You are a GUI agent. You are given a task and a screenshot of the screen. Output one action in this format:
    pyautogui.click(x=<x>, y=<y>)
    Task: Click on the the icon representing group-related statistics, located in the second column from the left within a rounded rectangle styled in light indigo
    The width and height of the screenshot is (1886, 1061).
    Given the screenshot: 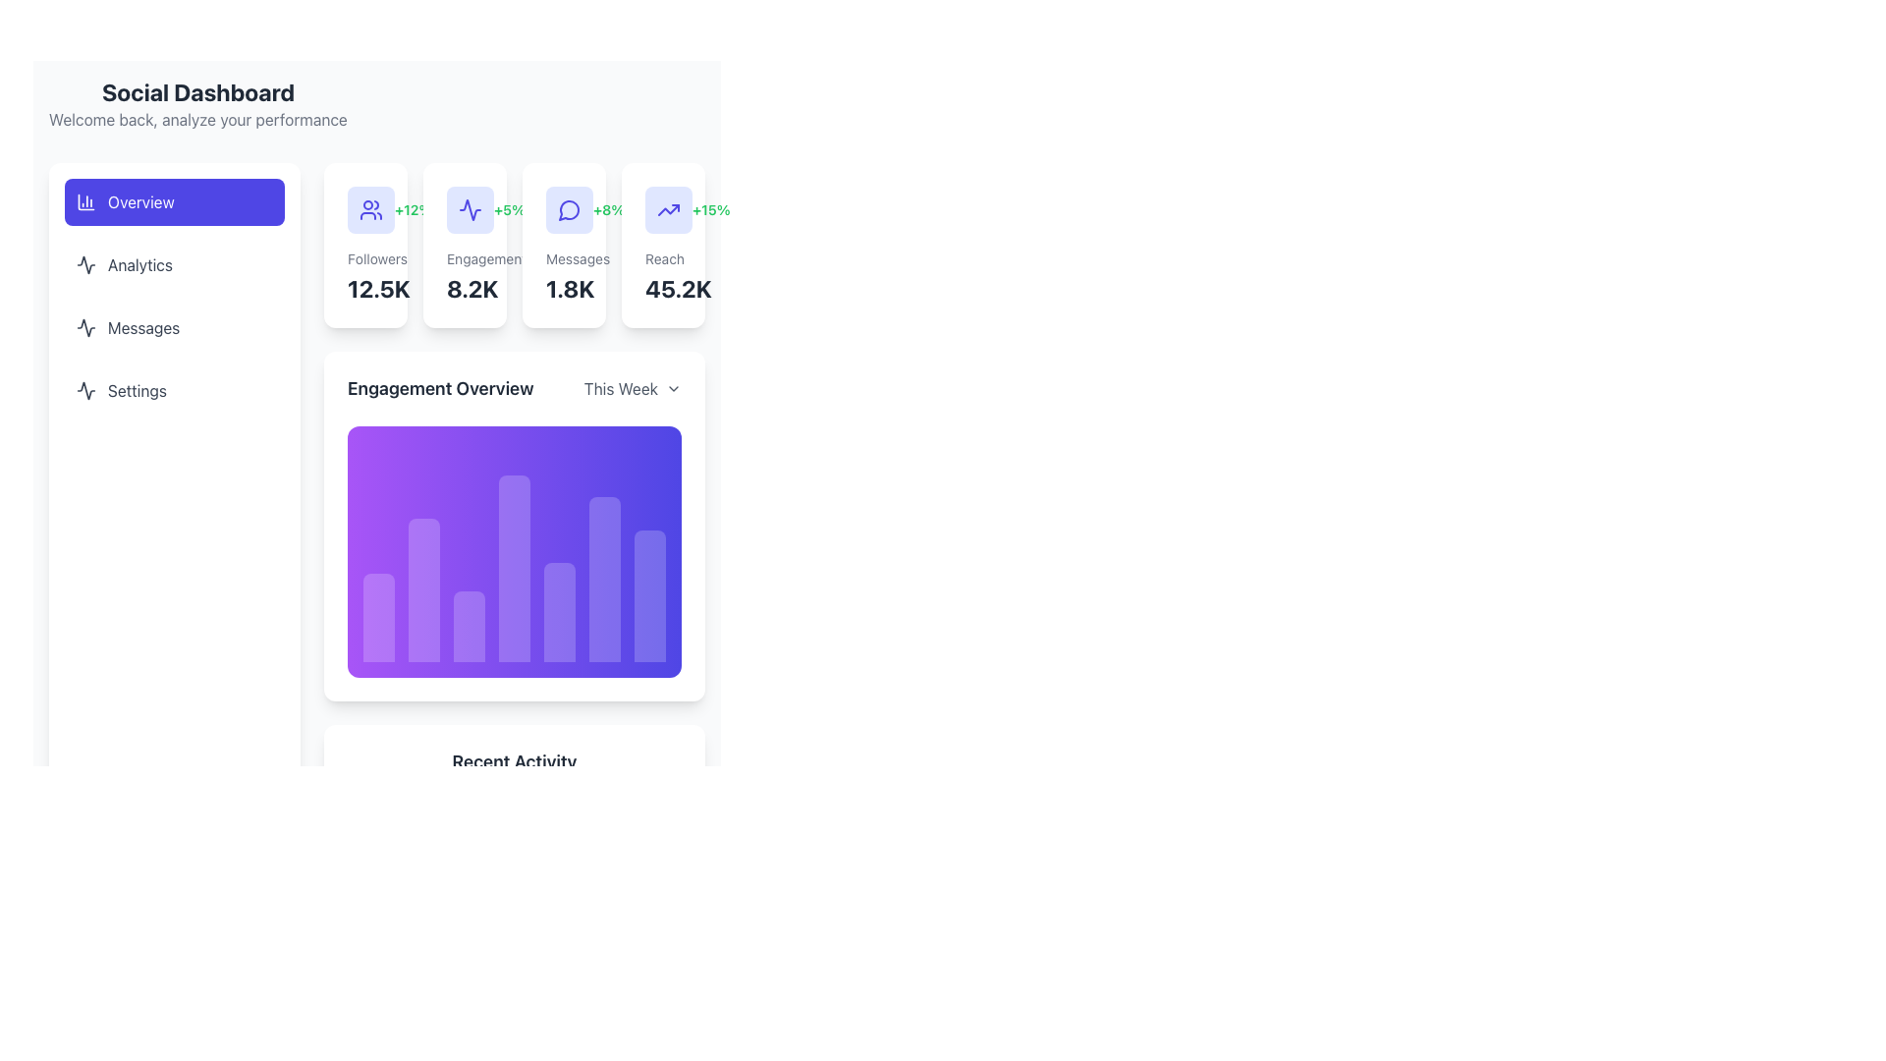 What is the action you would take?
    pyautogui.click(x=371, y=209)
    